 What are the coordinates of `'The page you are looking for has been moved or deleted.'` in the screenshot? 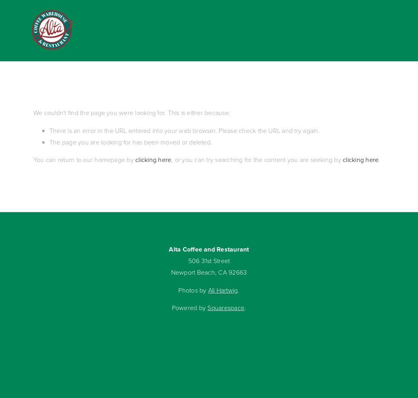 It's located at (131, 141).